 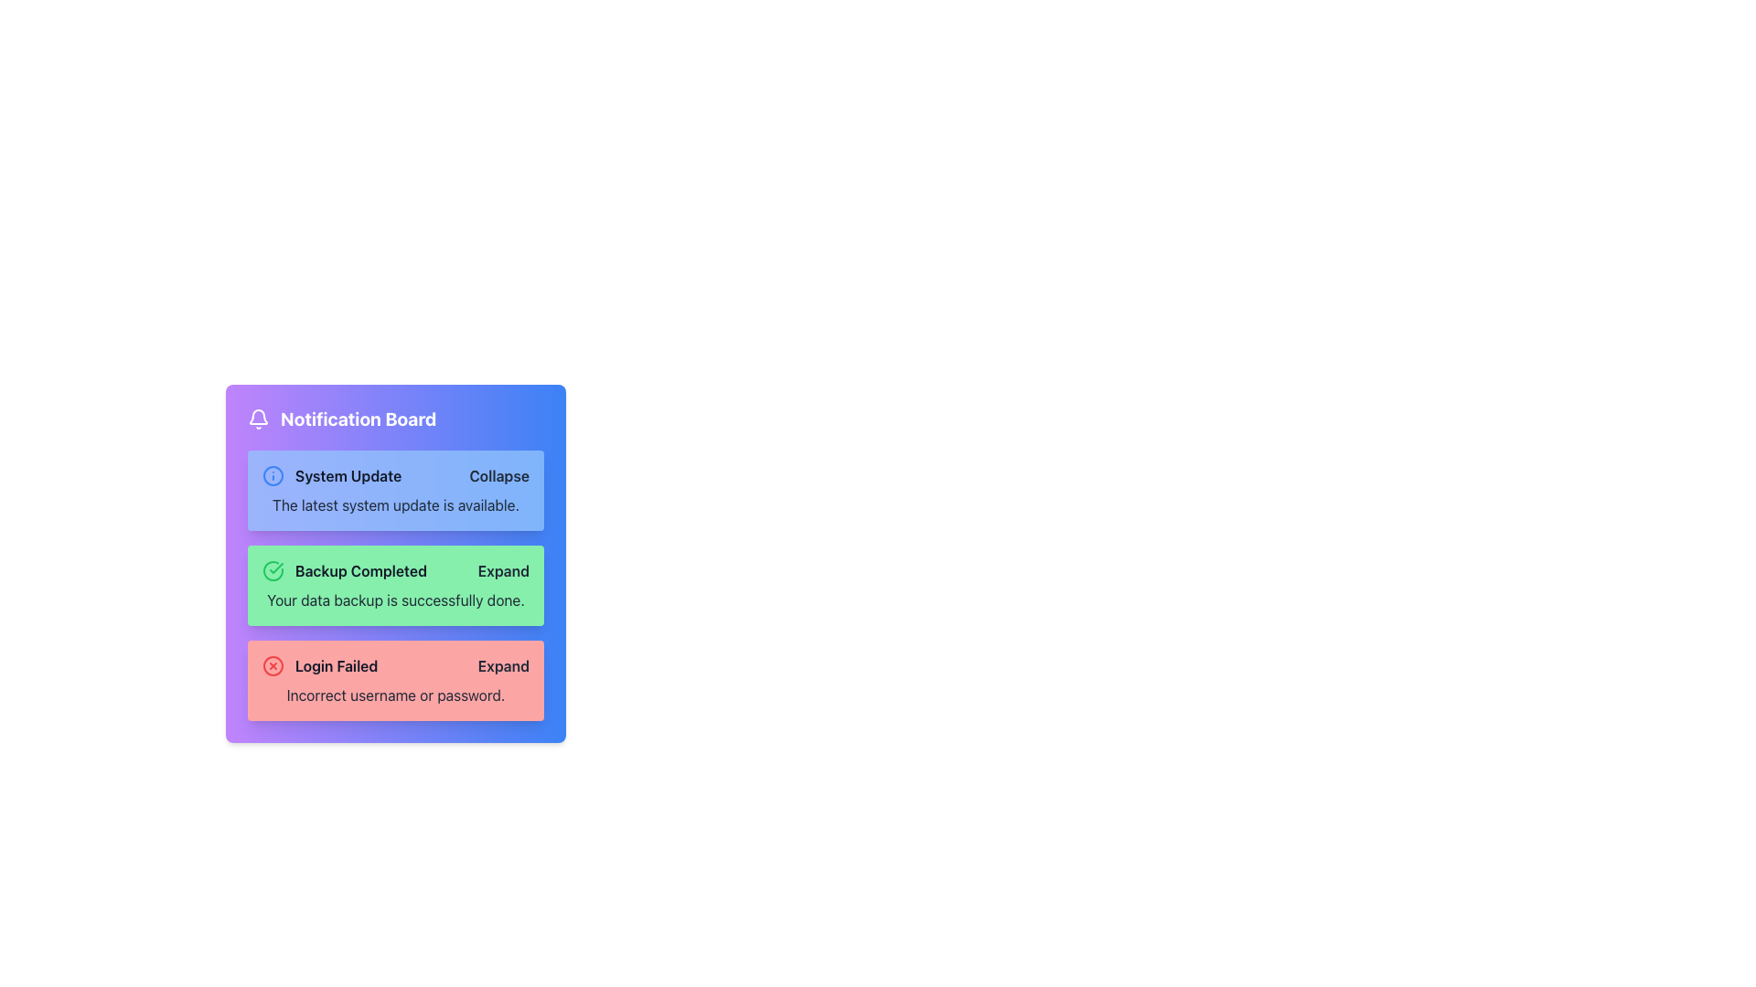 I want to click on text of the notification header label located on the left side of the blue 'info' icon in the Notification Board section, so click(x=332, y=474).